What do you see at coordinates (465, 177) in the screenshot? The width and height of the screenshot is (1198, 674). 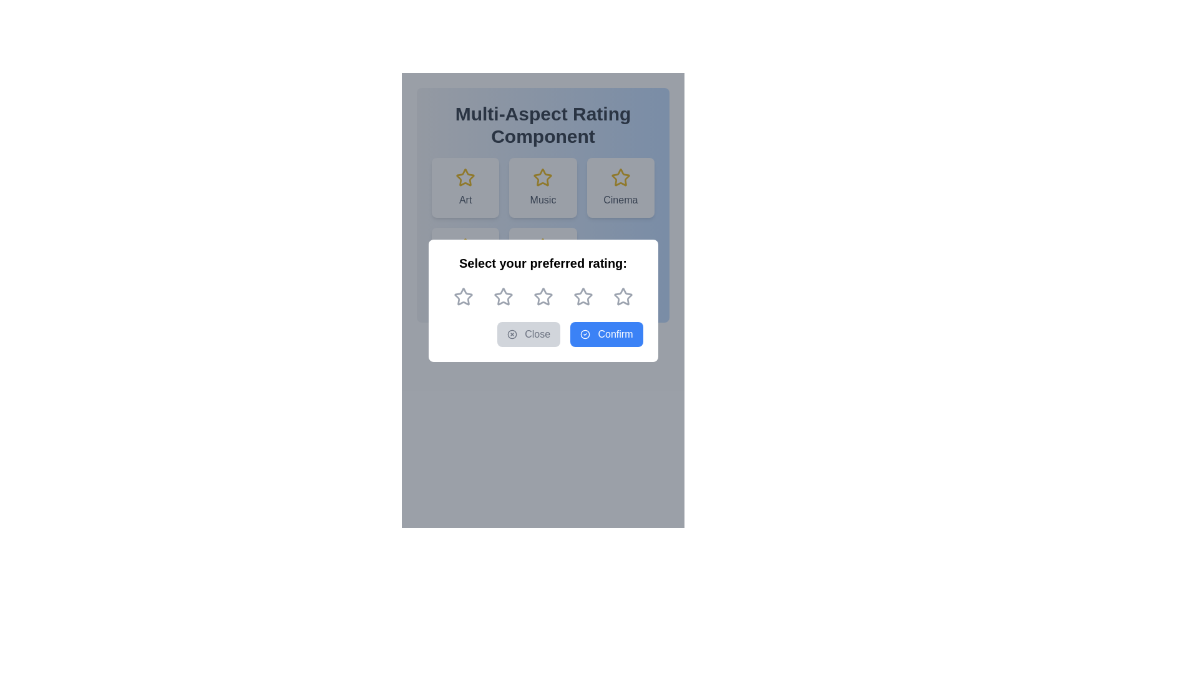 I see `the golden-yellow star icon with a hollow center located in the top-left corner of the 'Art' category` at bounding box center [465, 177].